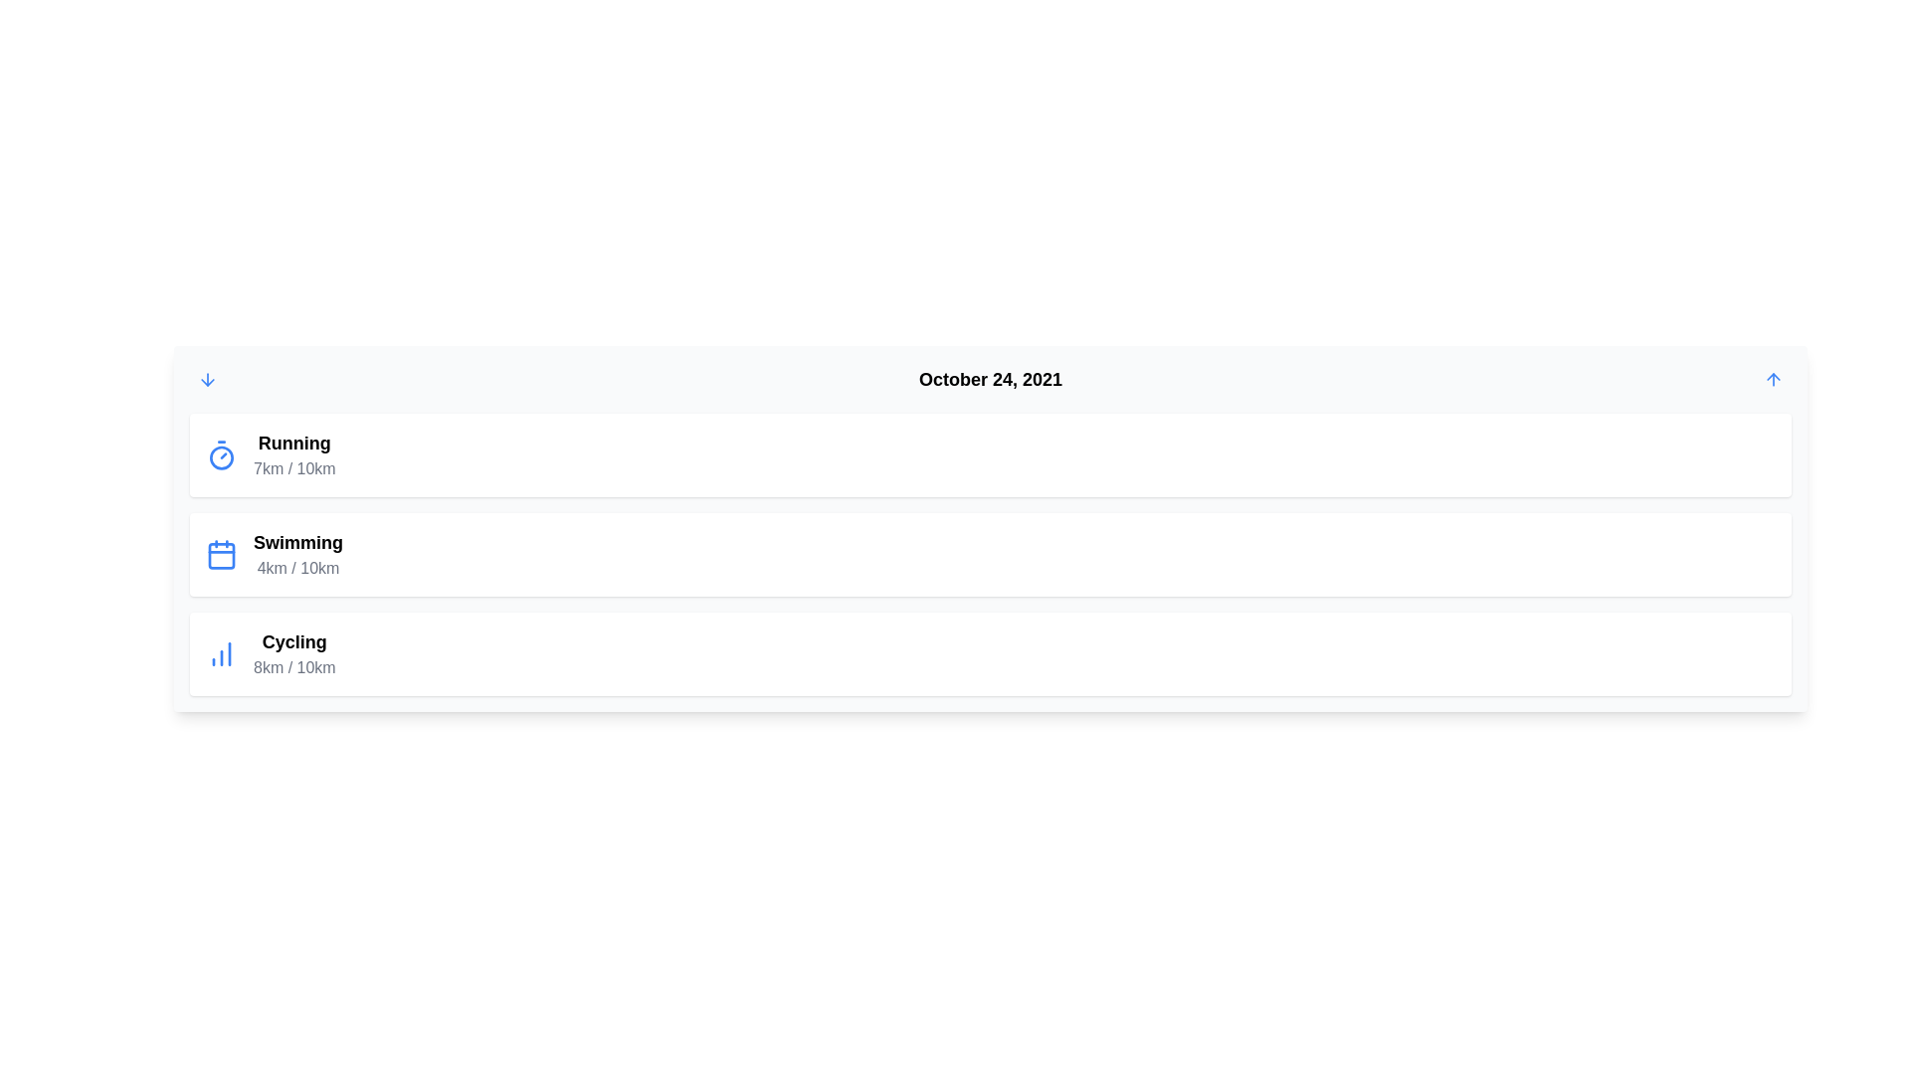 The width and height of the screenshot is (1910, 1074). What do you see at coordinates (221, 555) in the screenshot?
I see `the icon representing the 'Swimming' activity, which is the second item in the icon list aligned with the 'Swimming' activity information` at bounding box center [221, 555].